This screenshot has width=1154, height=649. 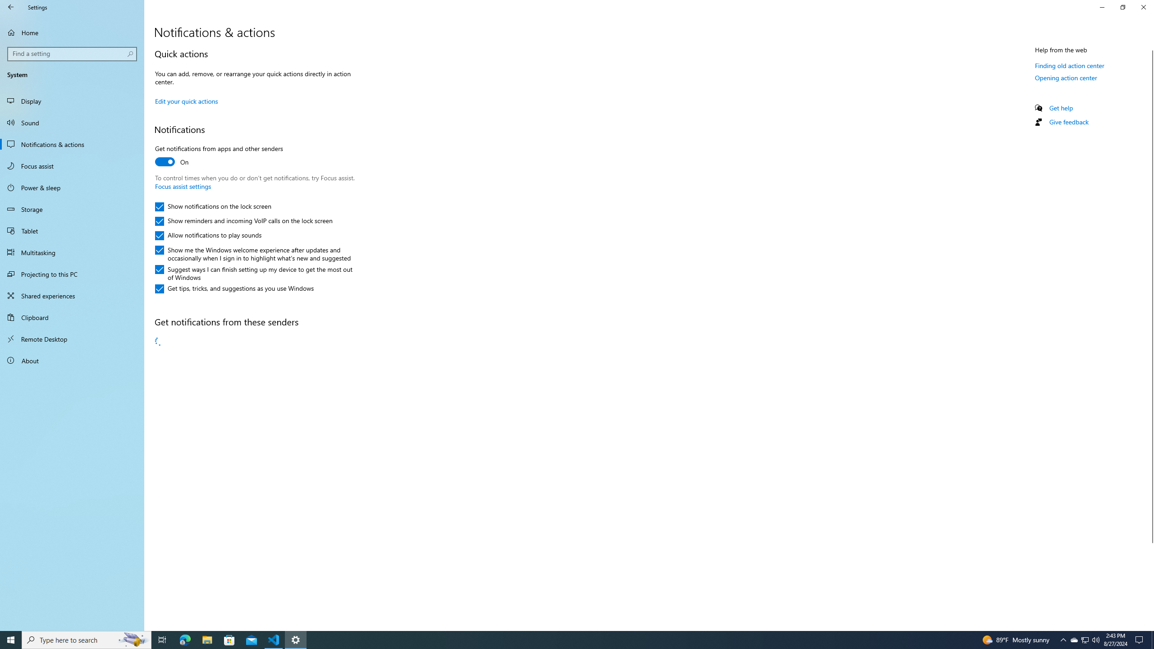 I want to click on 'Close Settings', so click(x=1143, y=7).